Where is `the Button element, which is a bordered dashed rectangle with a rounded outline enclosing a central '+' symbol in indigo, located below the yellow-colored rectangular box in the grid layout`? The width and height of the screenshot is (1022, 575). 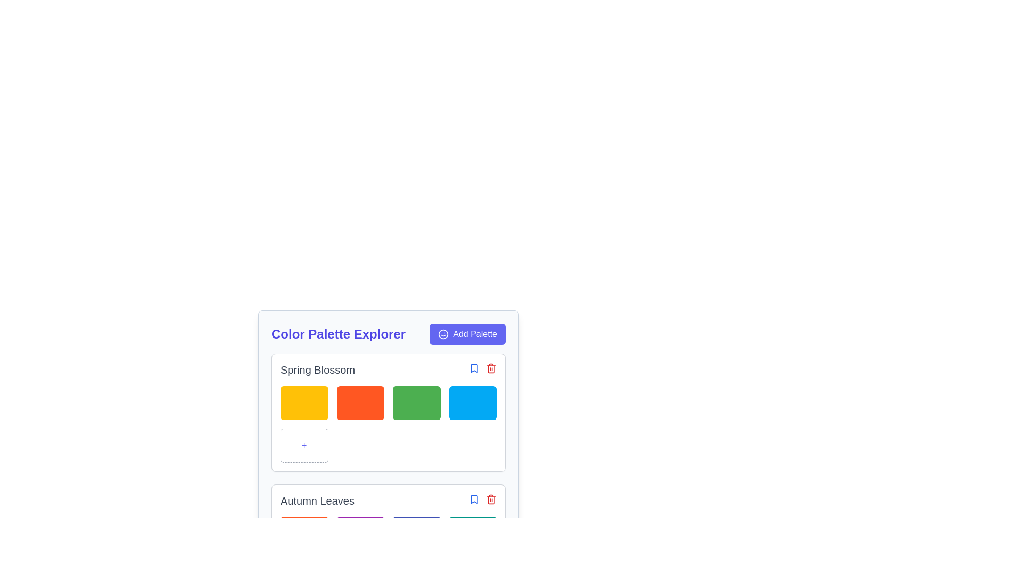 the Button element, which is a bordered dashed rectangle with a rounded outline enclosing a central '+' symbol in indigo, located below the yellow-colored rectangular box in the grid layout is located at coordinates (303, 446).